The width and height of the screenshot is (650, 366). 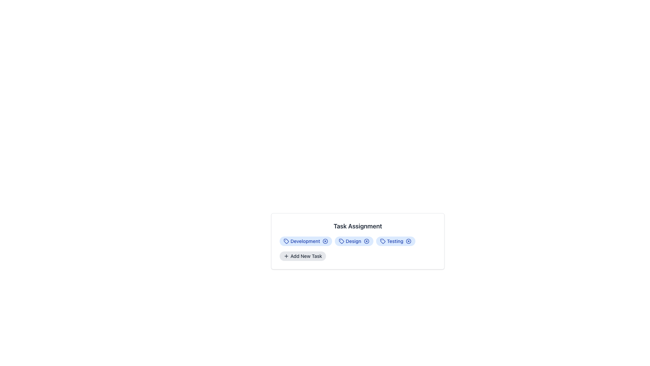 What do you see at coordinates (286, 256) in the screenshot?
I see `visually on the 'plus' icon element` at bounding box center [286, 256].